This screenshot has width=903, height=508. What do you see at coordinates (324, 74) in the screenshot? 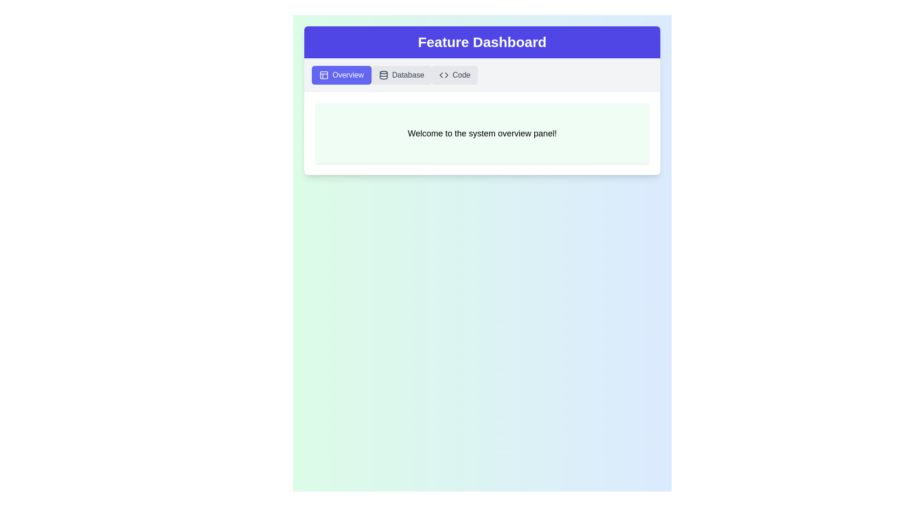
I see `the decorative icon for the 'Overview' tab located to the left of the text 'Overview' in the navigation bar under 'Feature Dashboard'` at bounding box center [324, 74].